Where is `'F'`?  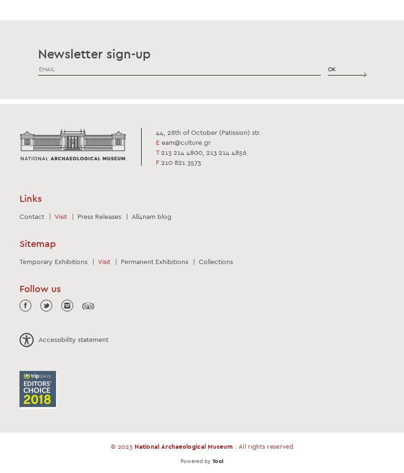 'F' is located at coordinates (156, 162).